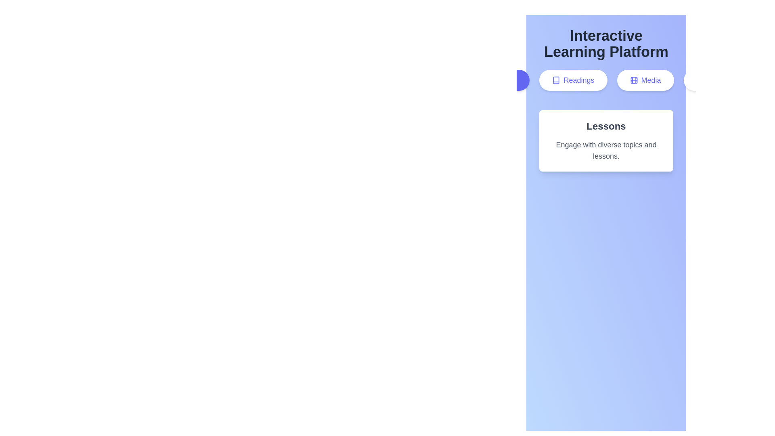  Describe the element at coordinates (573, 80) in the screenshot. I see `the tab button labeled Readings to switch to that tab` at that location.